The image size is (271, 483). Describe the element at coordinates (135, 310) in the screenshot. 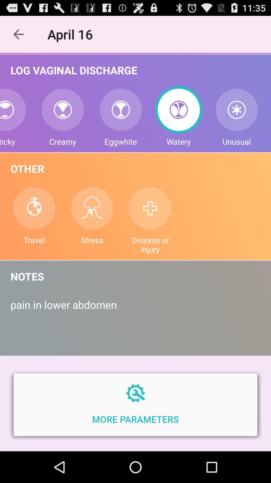

I see `pain in lower icon` at that location.